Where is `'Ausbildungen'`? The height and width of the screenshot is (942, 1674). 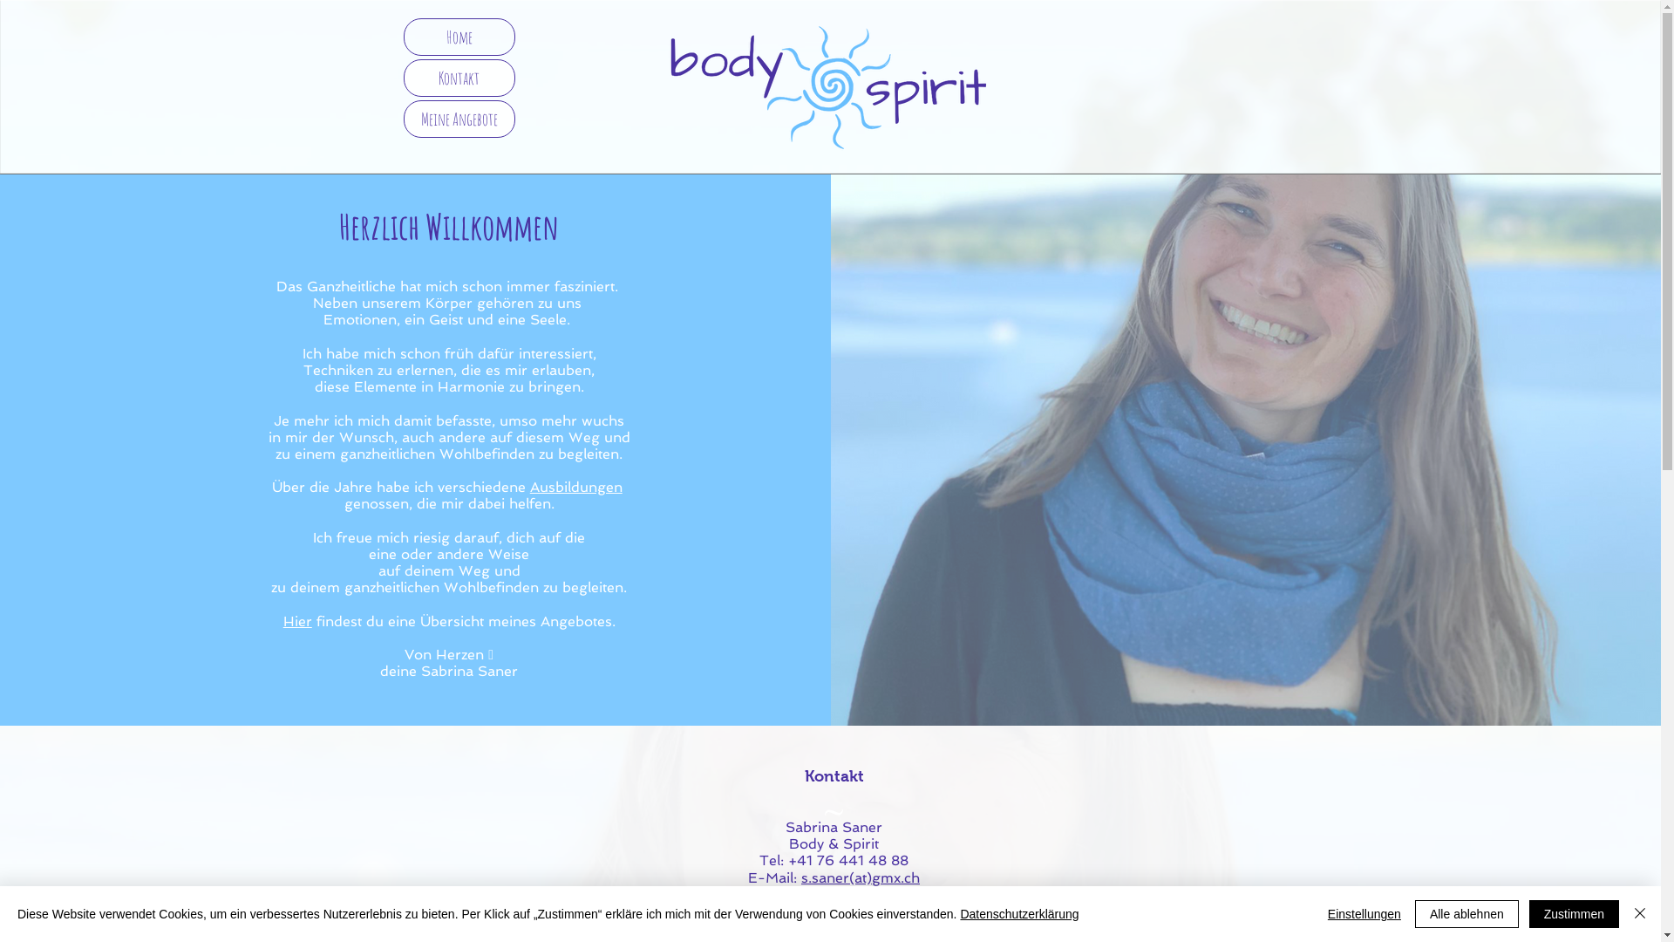
'Ausbildungen' is located at coordinates (576, 487).